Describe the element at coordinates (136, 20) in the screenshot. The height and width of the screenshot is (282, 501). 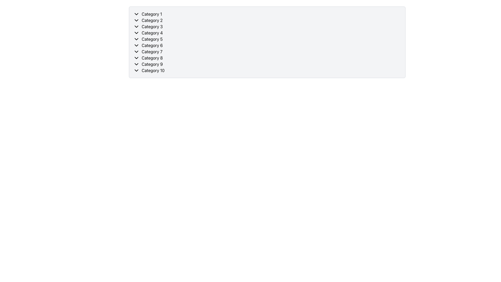
I see `the downward-pointing chevron icon next to the text 'Category 2'` at that location.